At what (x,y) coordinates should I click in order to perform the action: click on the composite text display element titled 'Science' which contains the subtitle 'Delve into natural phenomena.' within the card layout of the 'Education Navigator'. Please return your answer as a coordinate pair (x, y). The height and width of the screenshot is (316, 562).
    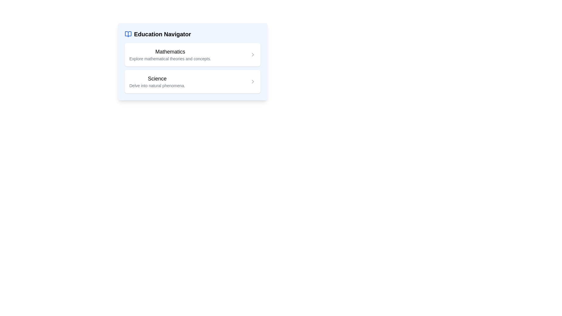
    Looking at the image, I should click on (157, 81).